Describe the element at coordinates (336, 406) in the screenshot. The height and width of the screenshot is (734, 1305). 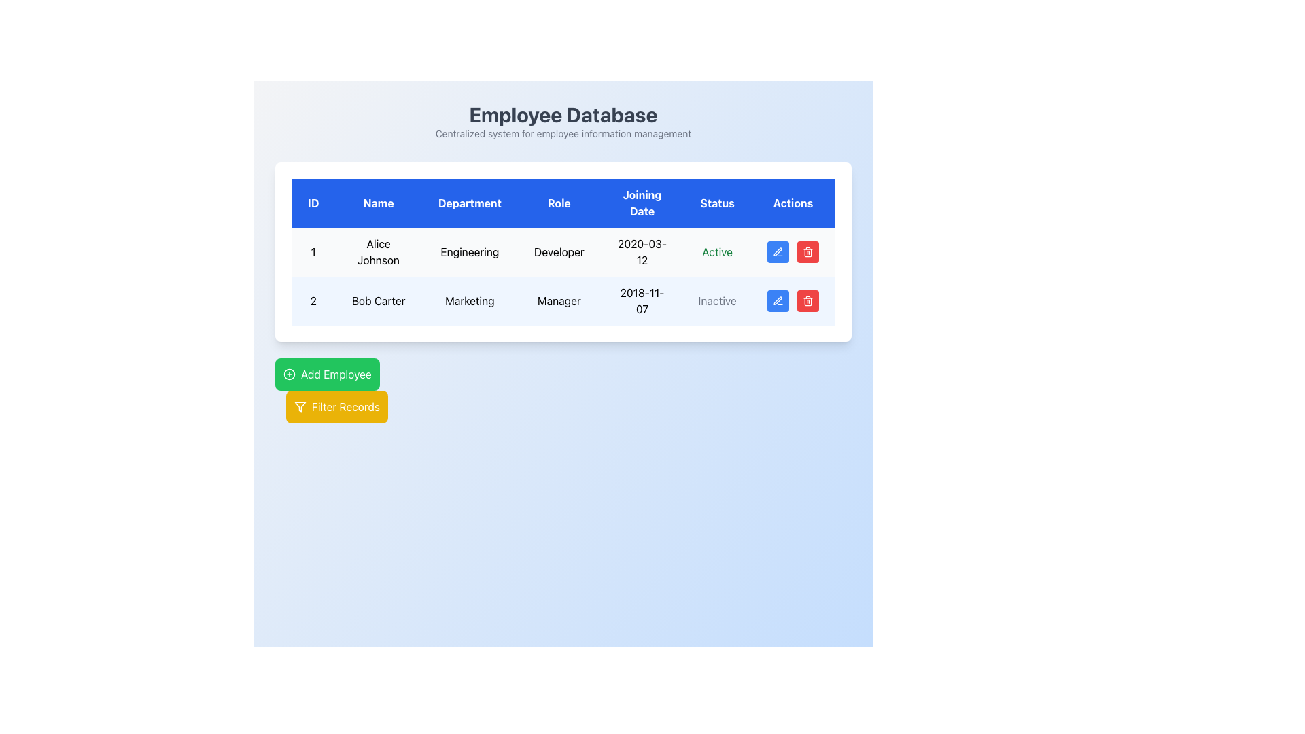
I see `the 'Filter Records' button, which is a rectangular button with rounded corners, yellow background, white text, and a filter icon, located below the employee table` at that location.